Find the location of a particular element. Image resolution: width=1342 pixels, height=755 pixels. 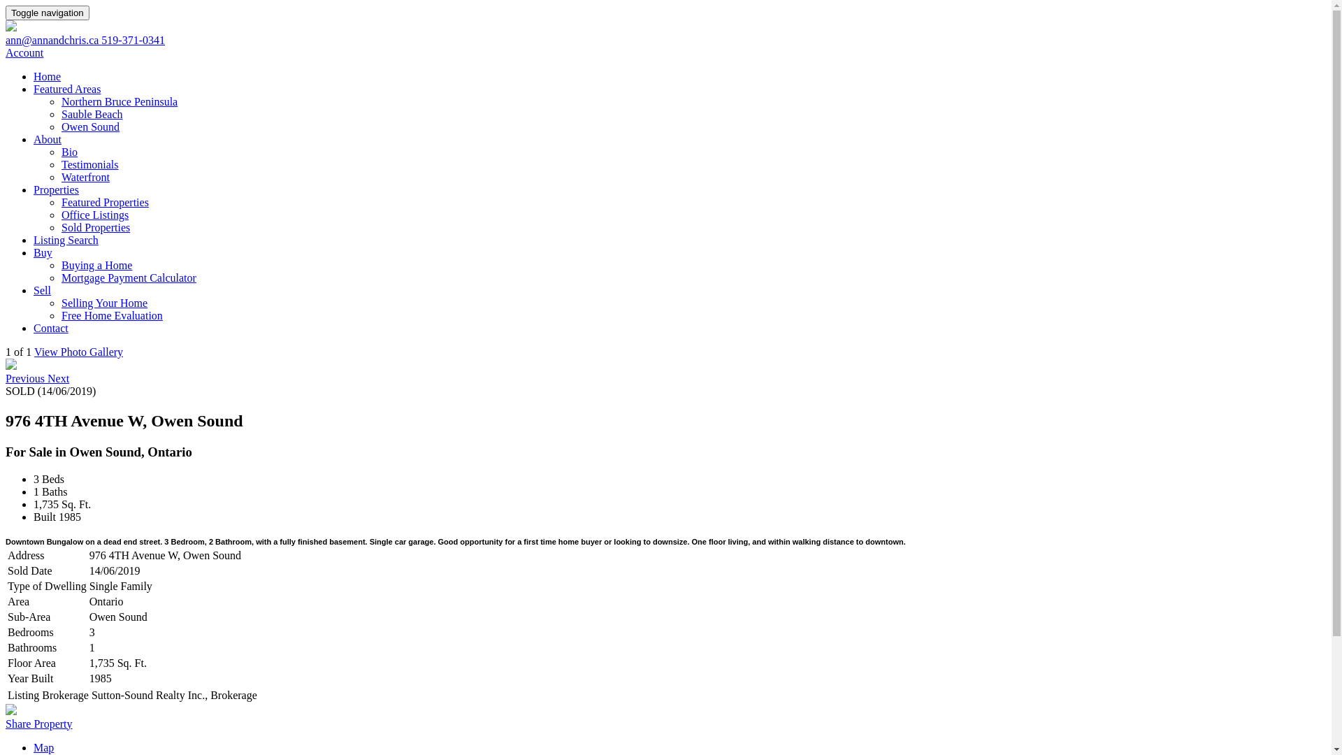

'Previous' is located at coordinates (27, 378).